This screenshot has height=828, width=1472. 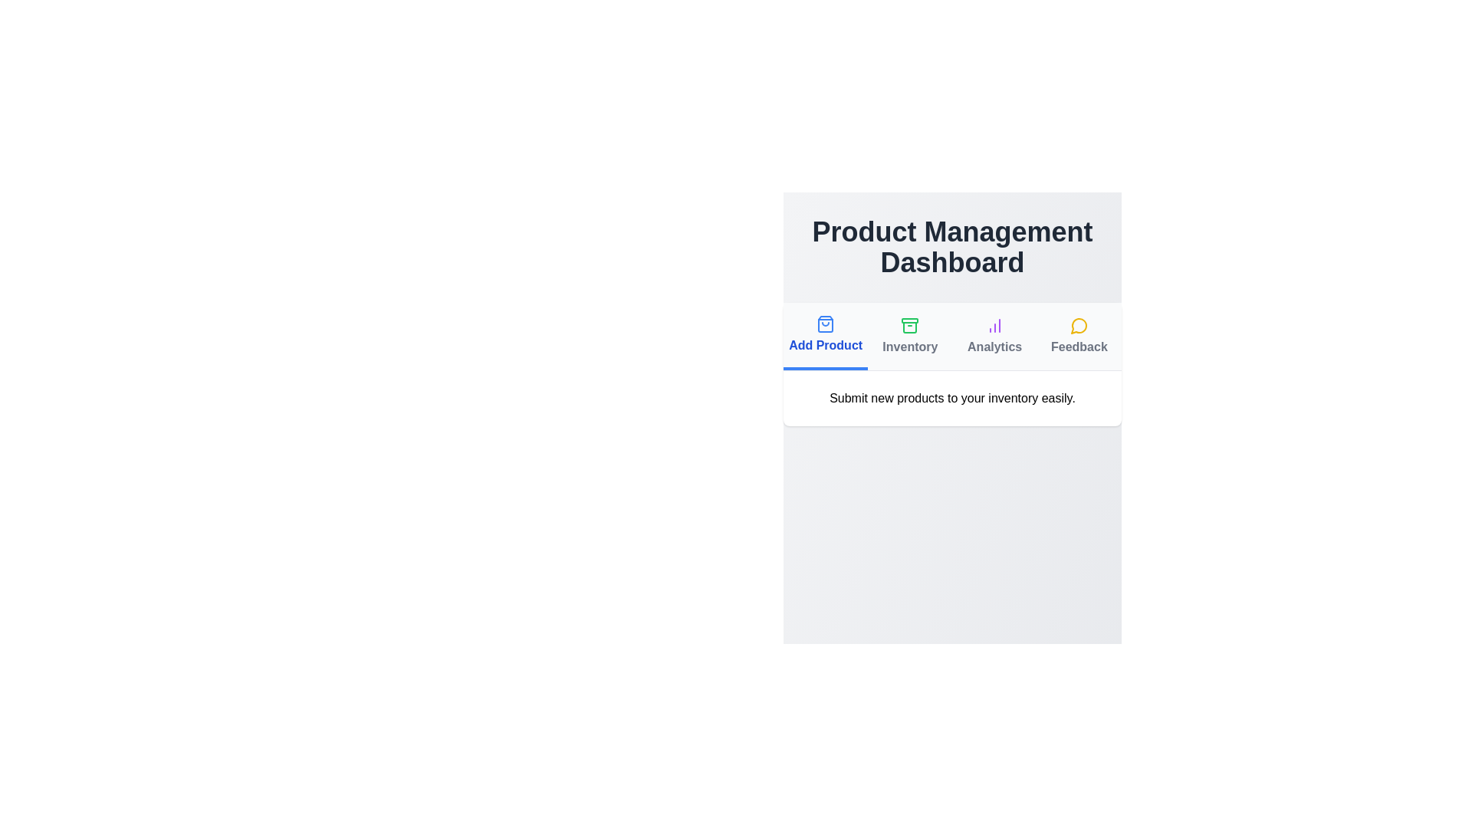 What do you see at coordinates (910, 336) in the screenshot?
I see `the Navigation Link for accessing the Inventory section, which is the second item in the horizontal navigation under 'Product Management Dashboard'` at bounding box center [910, 336].